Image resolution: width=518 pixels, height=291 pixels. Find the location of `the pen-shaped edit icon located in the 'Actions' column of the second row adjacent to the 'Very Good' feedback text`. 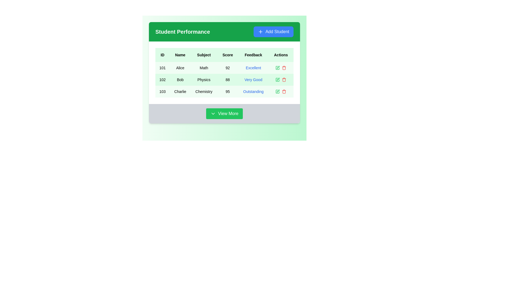

the pen-shaped edit icon located in the 'Actions' column of the second row adjacent to the 'Very Good' feedback text is located at coordinates (278, 79).